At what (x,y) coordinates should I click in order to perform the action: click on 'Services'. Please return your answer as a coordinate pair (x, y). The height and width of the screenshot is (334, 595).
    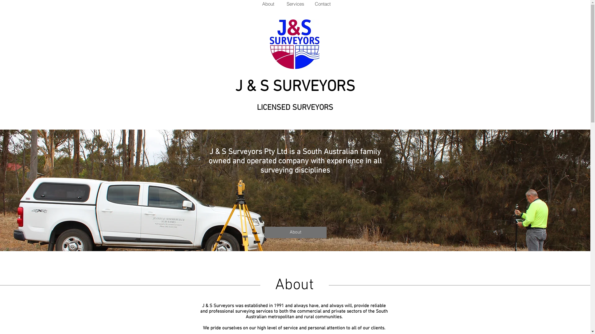
    Looking at the image, I should click on (294, 4).